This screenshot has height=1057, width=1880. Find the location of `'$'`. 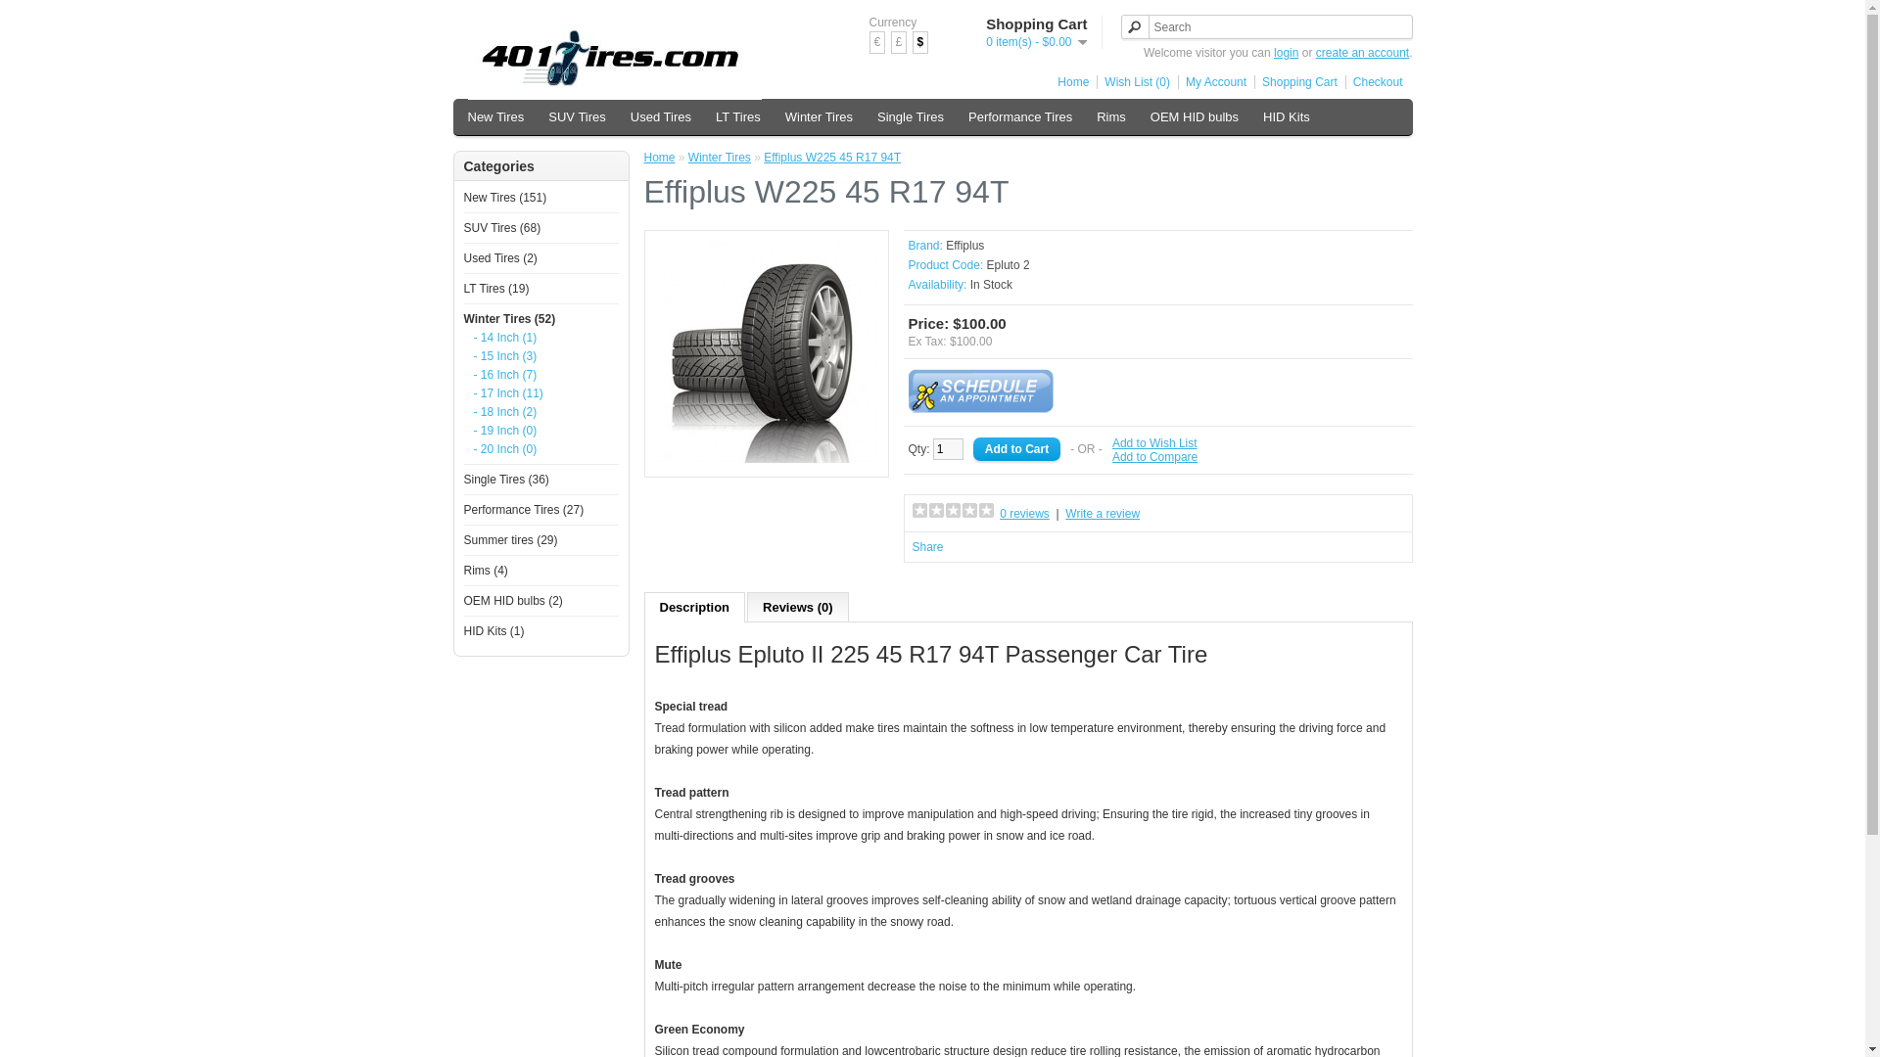

'$' is located at coordinates (919, 42).